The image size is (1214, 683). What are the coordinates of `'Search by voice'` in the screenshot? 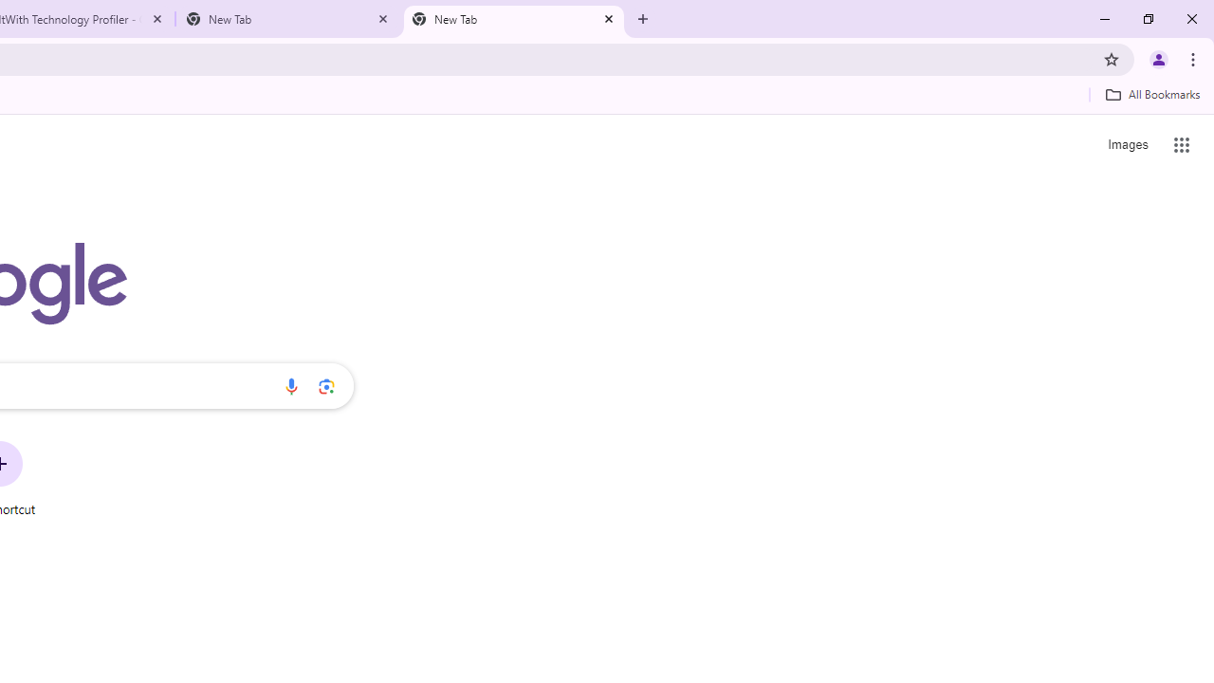 It's located at (290, 385).